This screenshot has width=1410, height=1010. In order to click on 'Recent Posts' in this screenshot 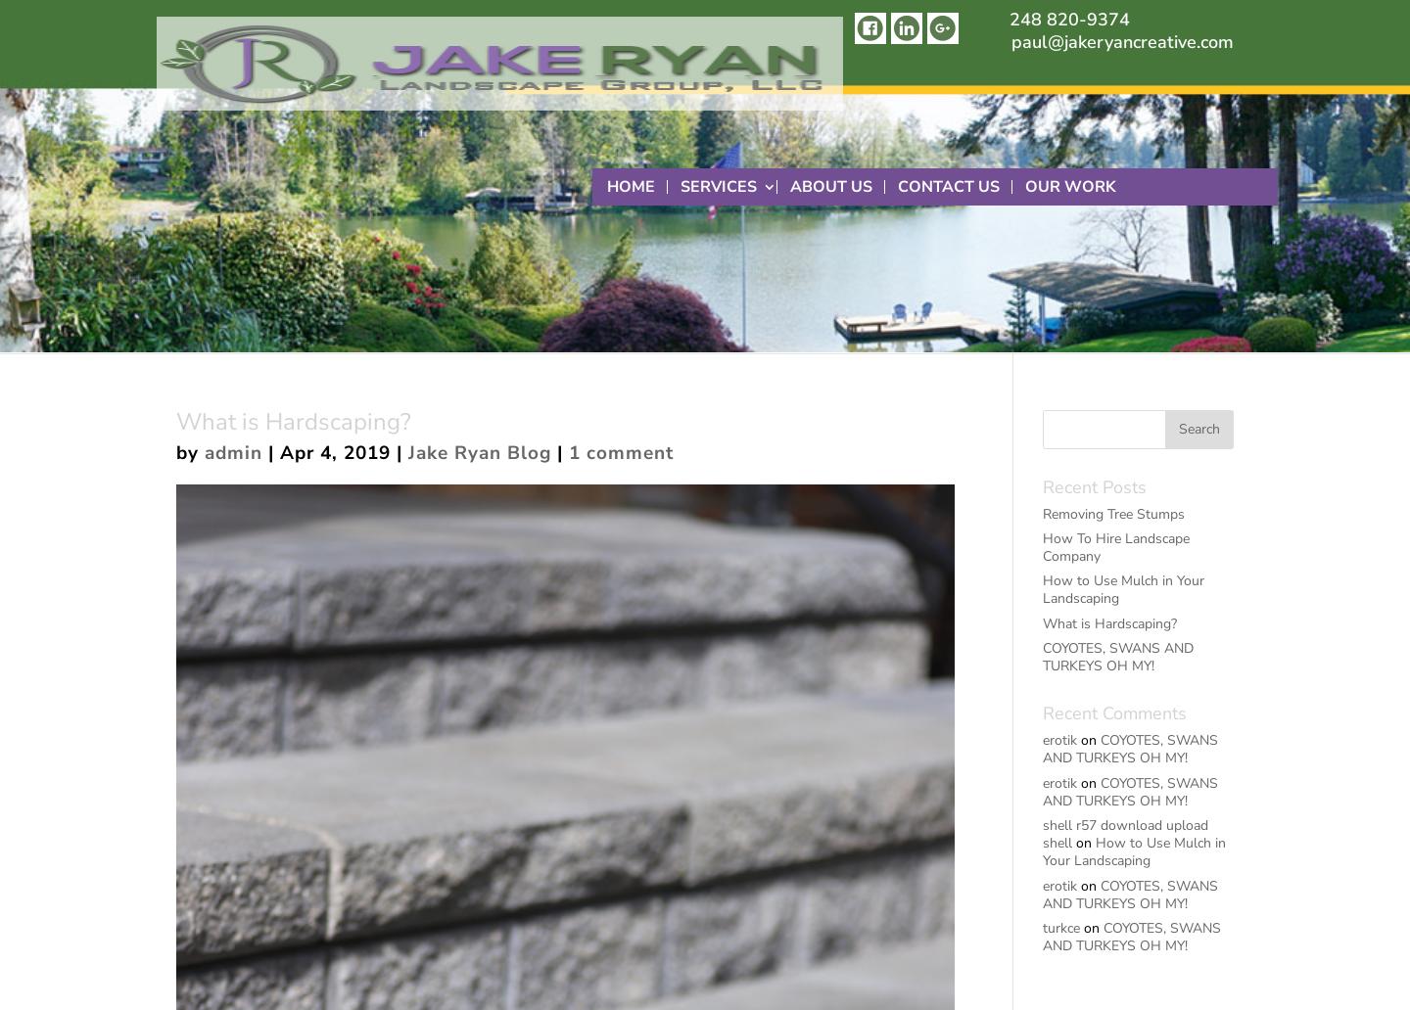, I will do `click(1042, 485)`.